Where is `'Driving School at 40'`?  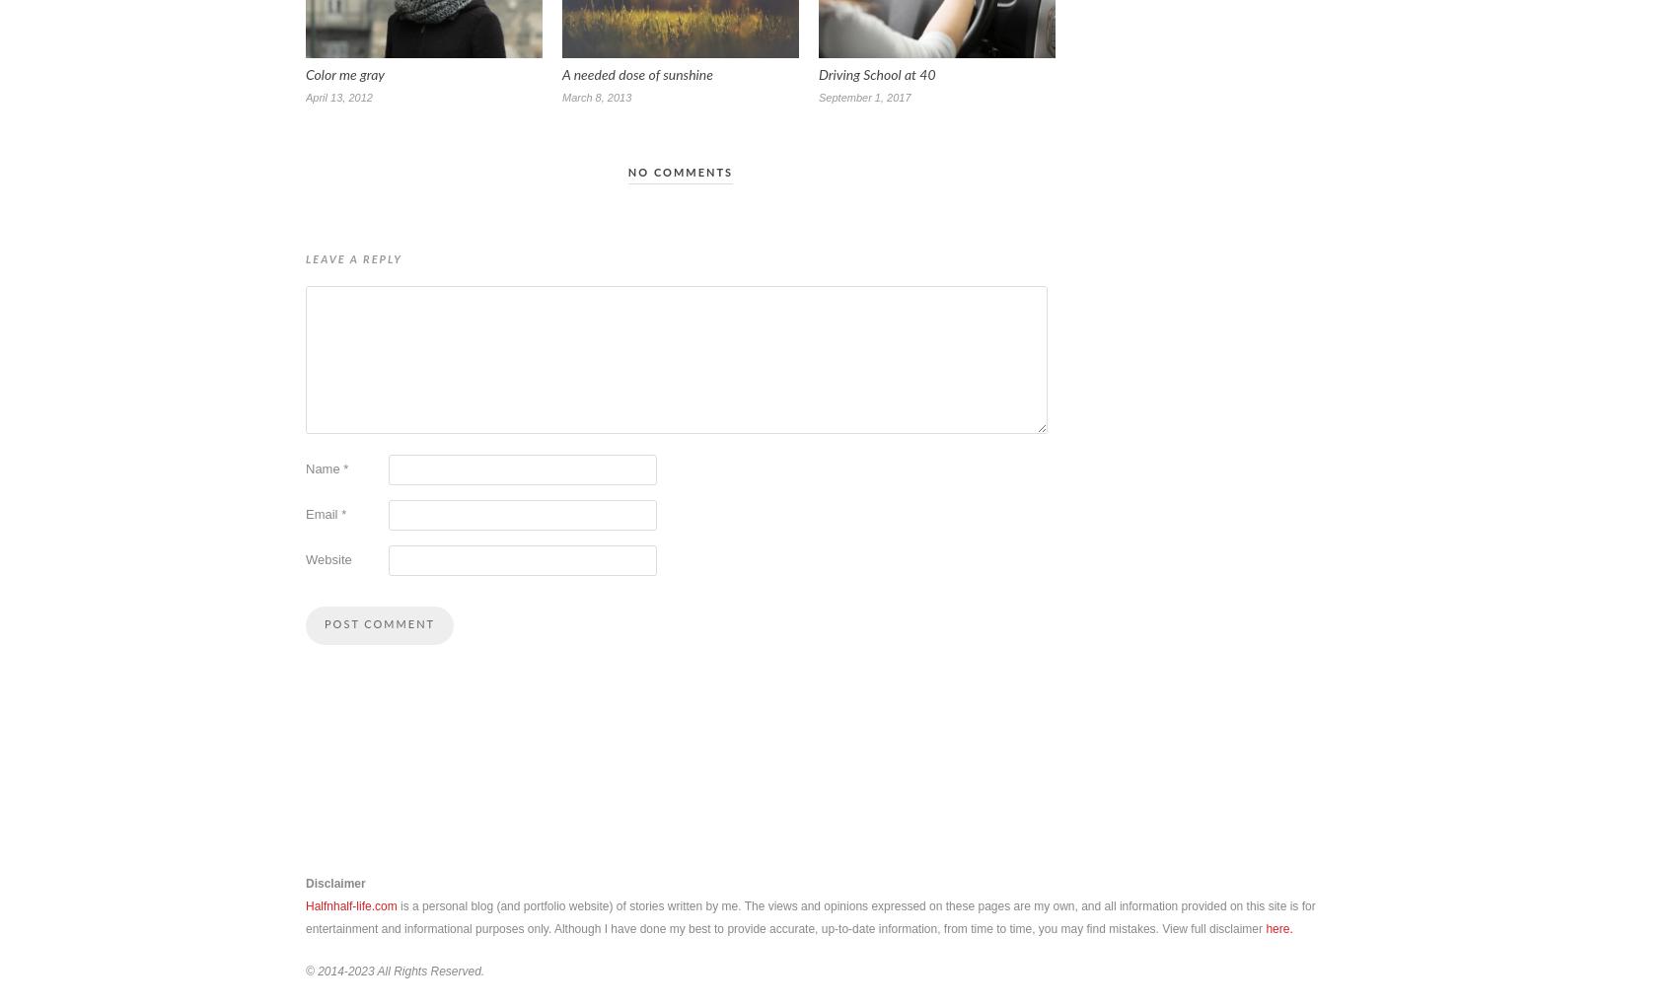
'Driving School at 40' is located at coordinates (876, 74).